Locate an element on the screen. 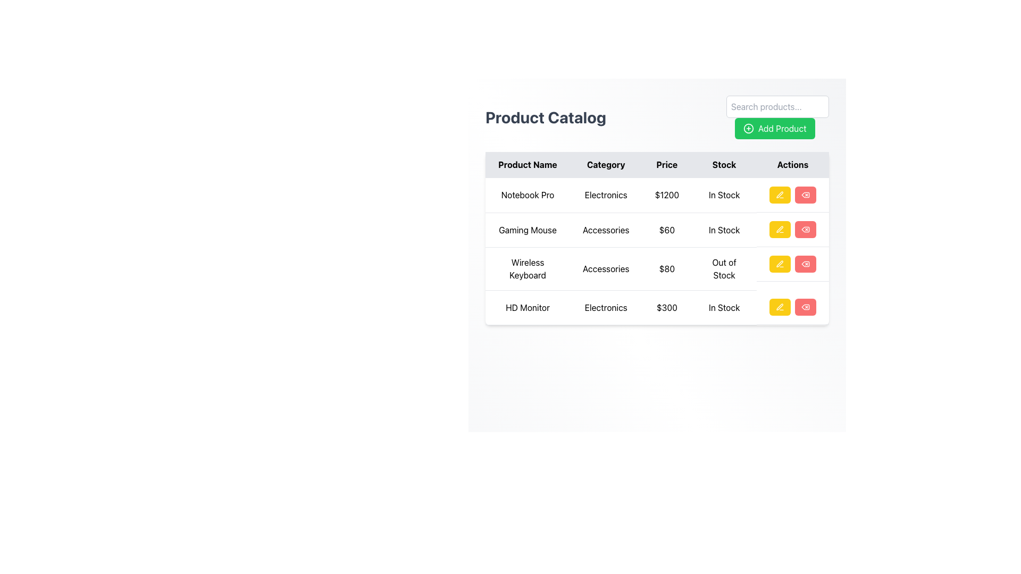  the small red Delete Button with a trash can icon located in the 'Actions' column of the data table, specifically aligned with the 'Wireless Keyboard' entry is located at coordinates (806, 264).